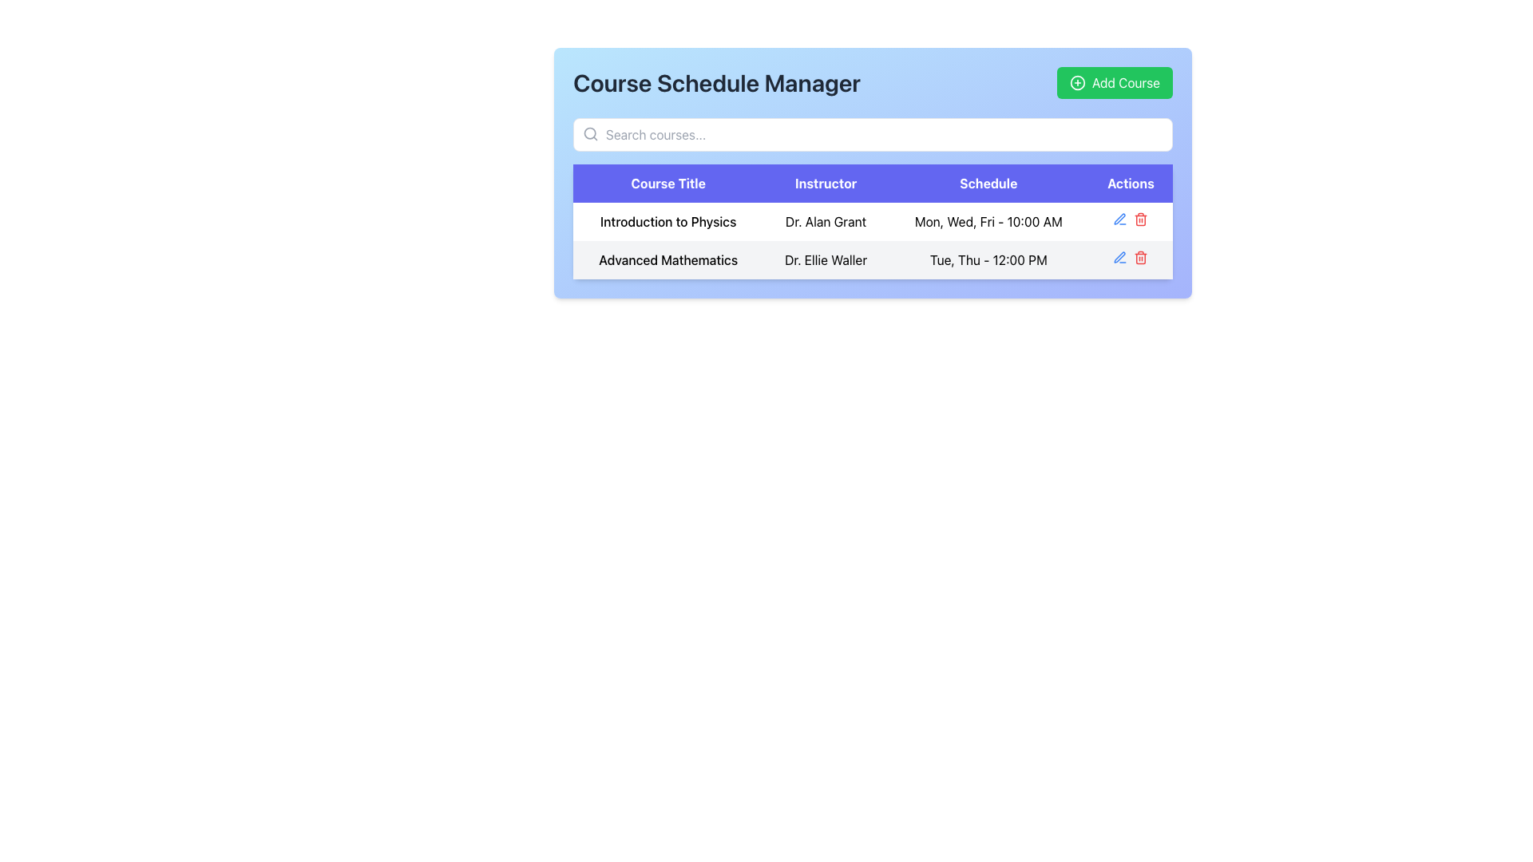 The image size is (1533, 862). What do you see at coordinates (1140, 220) in the screenshot?
I see `the delete button represented by the trash bin icon located in the 'Actions' column of the 'Advanced Mathematics' row` at bounding box center [1140, 220].